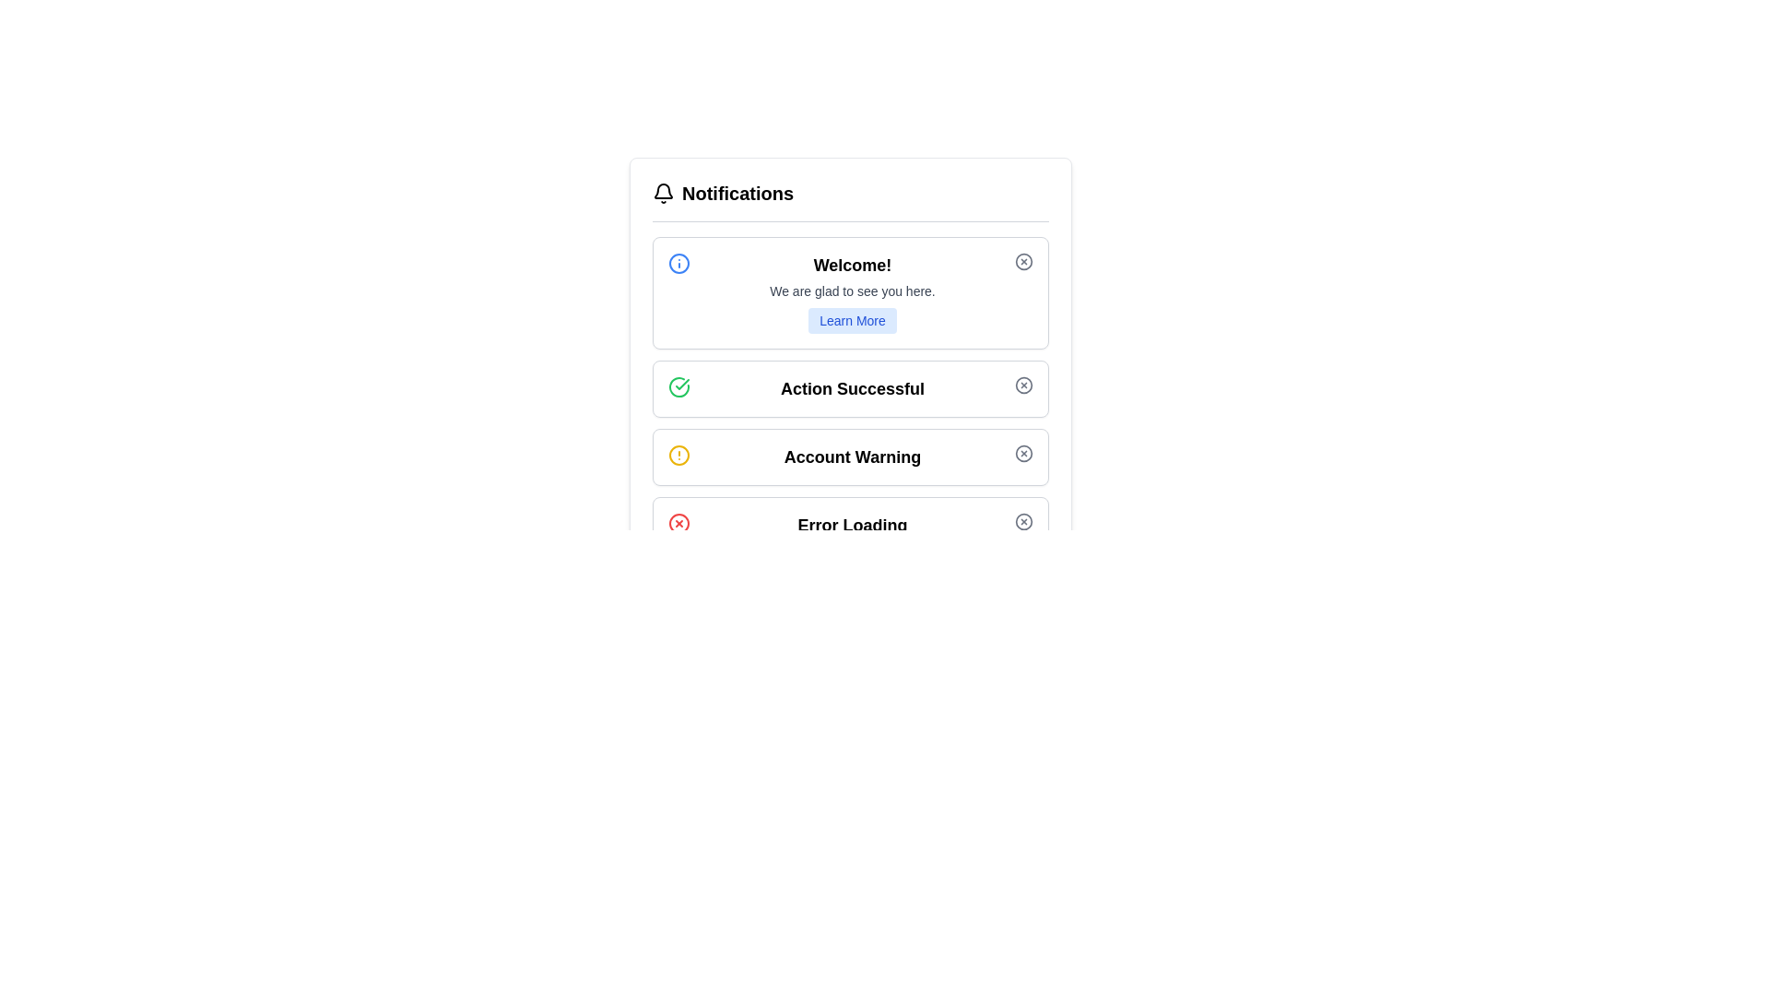 The height and width of the screenshot is (996, 1770). Describe the element at coordinates (852, 319) in the screenshot. I see `the 'Learn More' button-like hyperlink located within the 'Welcome!' notification block, directly below the subtext 'We are glad to see you here'` at that location.